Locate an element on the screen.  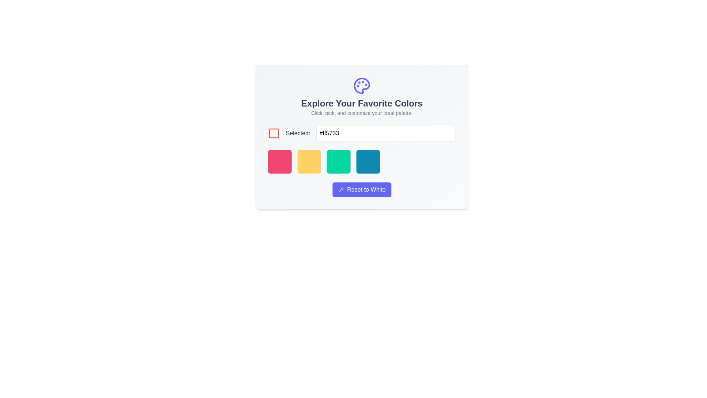
the Text Label that provides instructions for the palette customization feature, located below the heading 'Explore Your Favorite Colors' and above the checkbox and color selector input field is located at coordinates (362, 113).